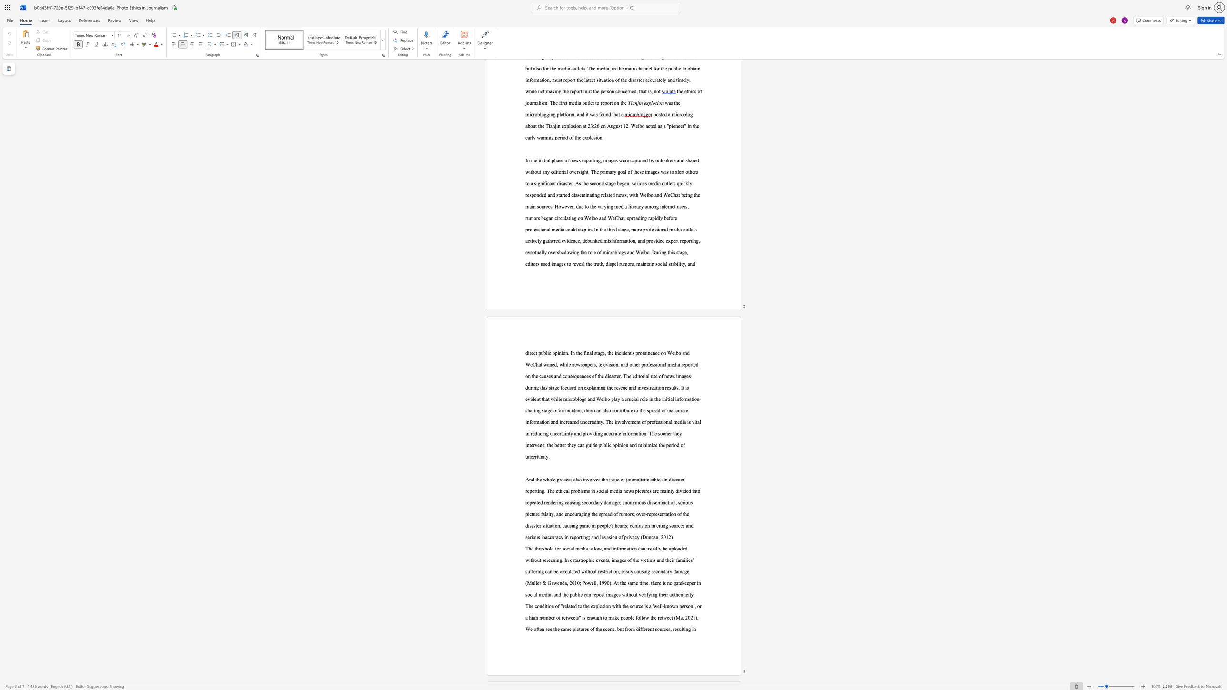  I want to click on the subset text "ss" within the text "whole process", so click(568, 479).